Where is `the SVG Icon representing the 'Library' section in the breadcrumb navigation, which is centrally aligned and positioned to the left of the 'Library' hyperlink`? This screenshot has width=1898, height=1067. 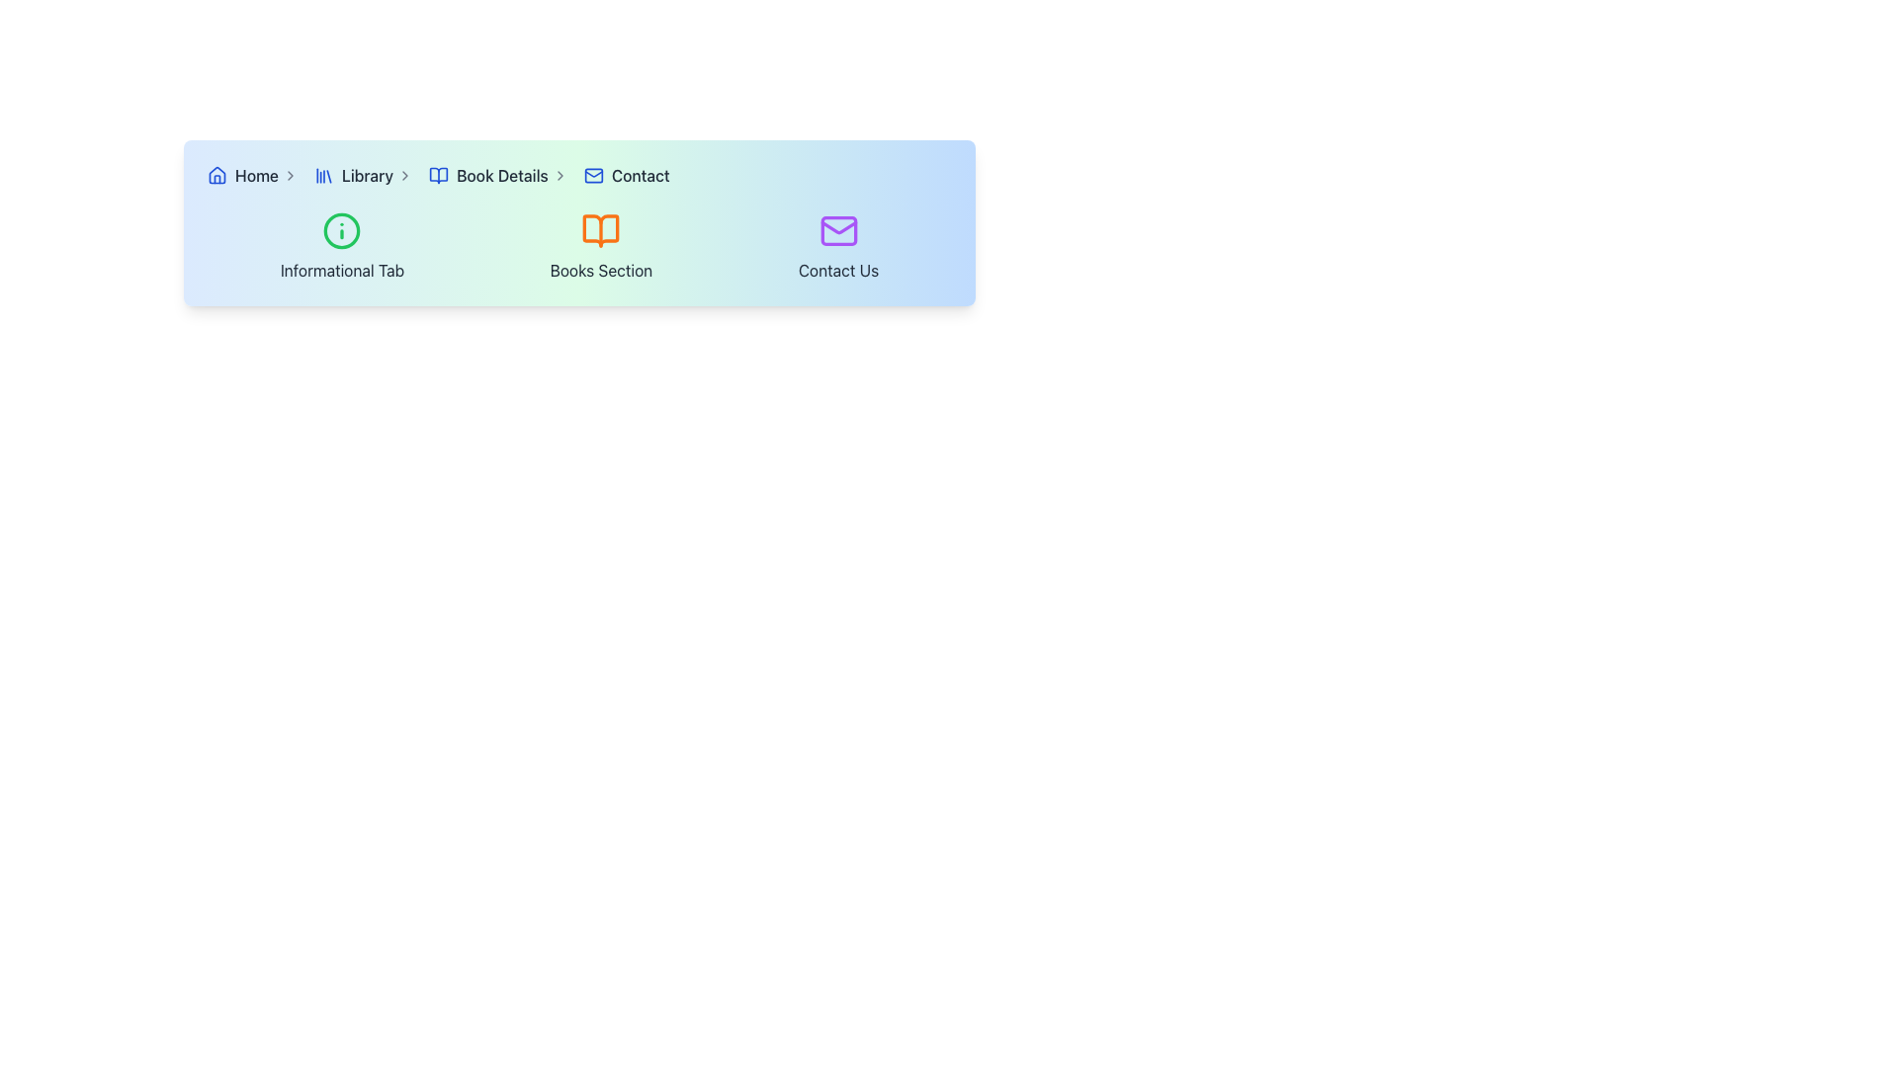
the SVG Icon representing the 'Library' section in the breadcrumb navigation, which is centrally aligned and positioned to the left of the 'Library' hyperlink is located at coordinates (323, 174).